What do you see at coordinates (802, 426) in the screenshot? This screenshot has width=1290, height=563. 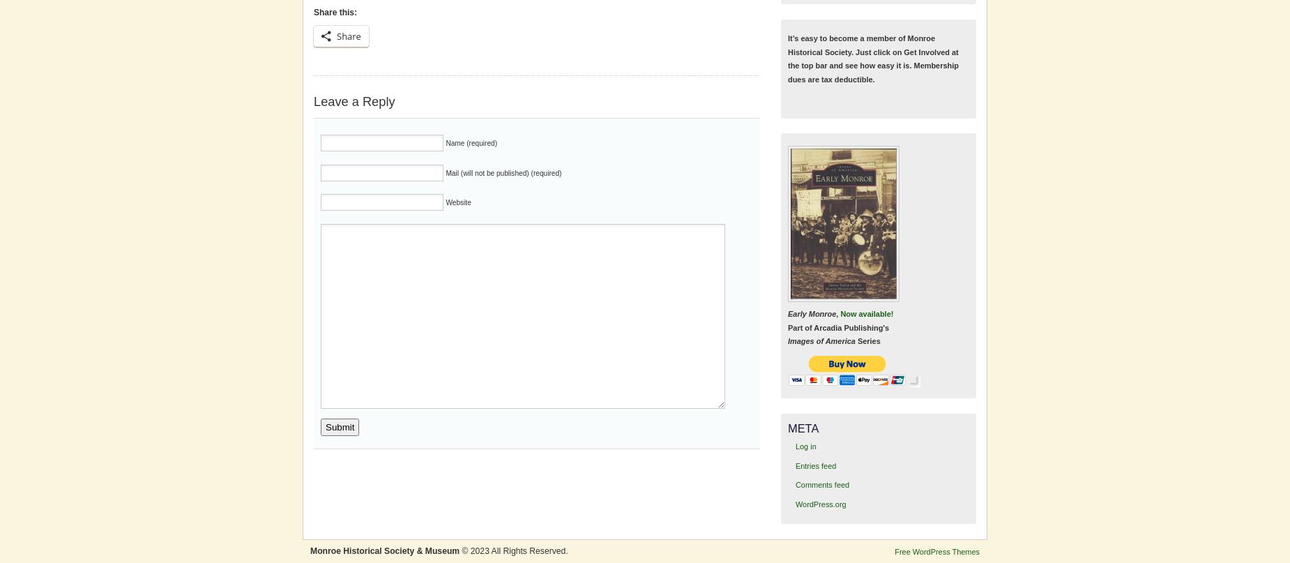 I see `'Meta'` at bounding box center [802, 426].